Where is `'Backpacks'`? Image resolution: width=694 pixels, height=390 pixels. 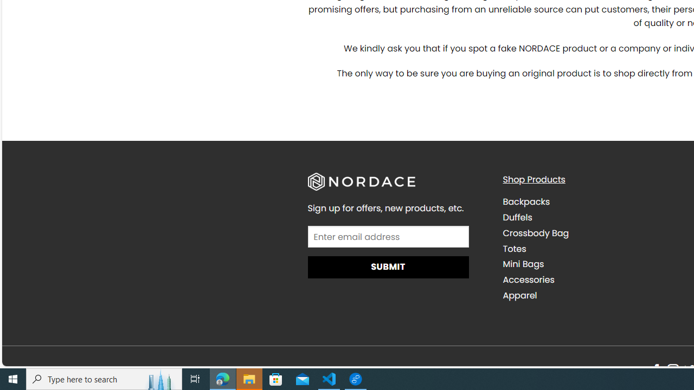 'Backpacks' is located at coordinates (592, 201).